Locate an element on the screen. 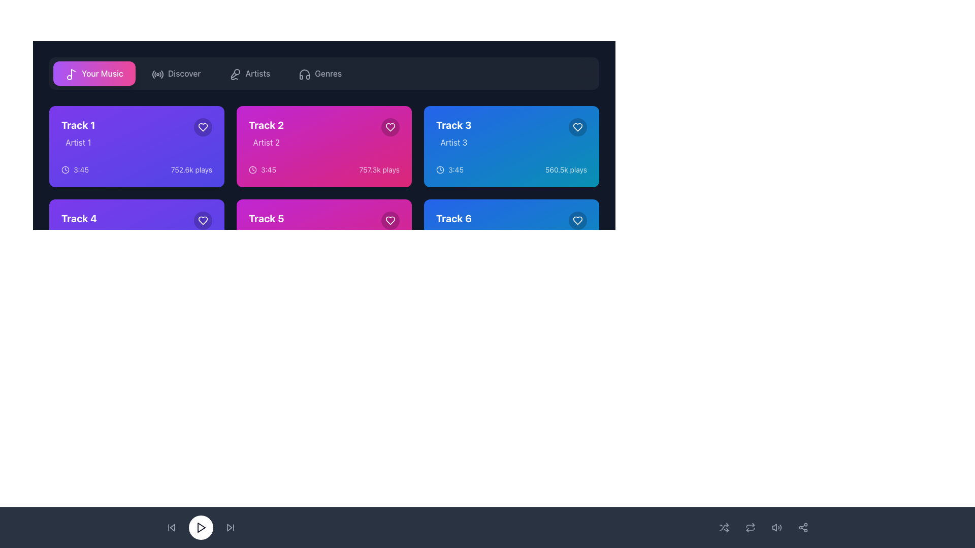 The image size is (975, 548). the favorite button located in the top-right corner of the card for 'Track 3' by 'Artist 3' to mark or unmark it as a favorite is located at coordinates (577, 126).